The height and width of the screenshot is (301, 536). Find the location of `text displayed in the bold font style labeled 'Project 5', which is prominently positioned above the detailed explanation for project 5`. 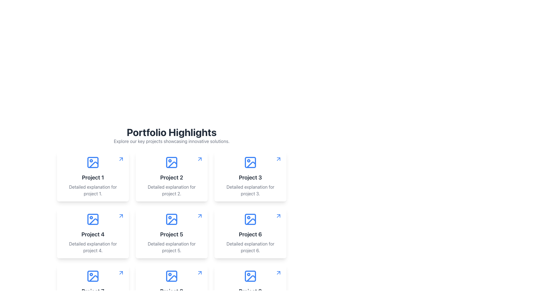

text displayed in the bold font style labeled 'Project 5', which is prominently positioned above the detailed explanation for project 5 is located at coordinates (171, 234).